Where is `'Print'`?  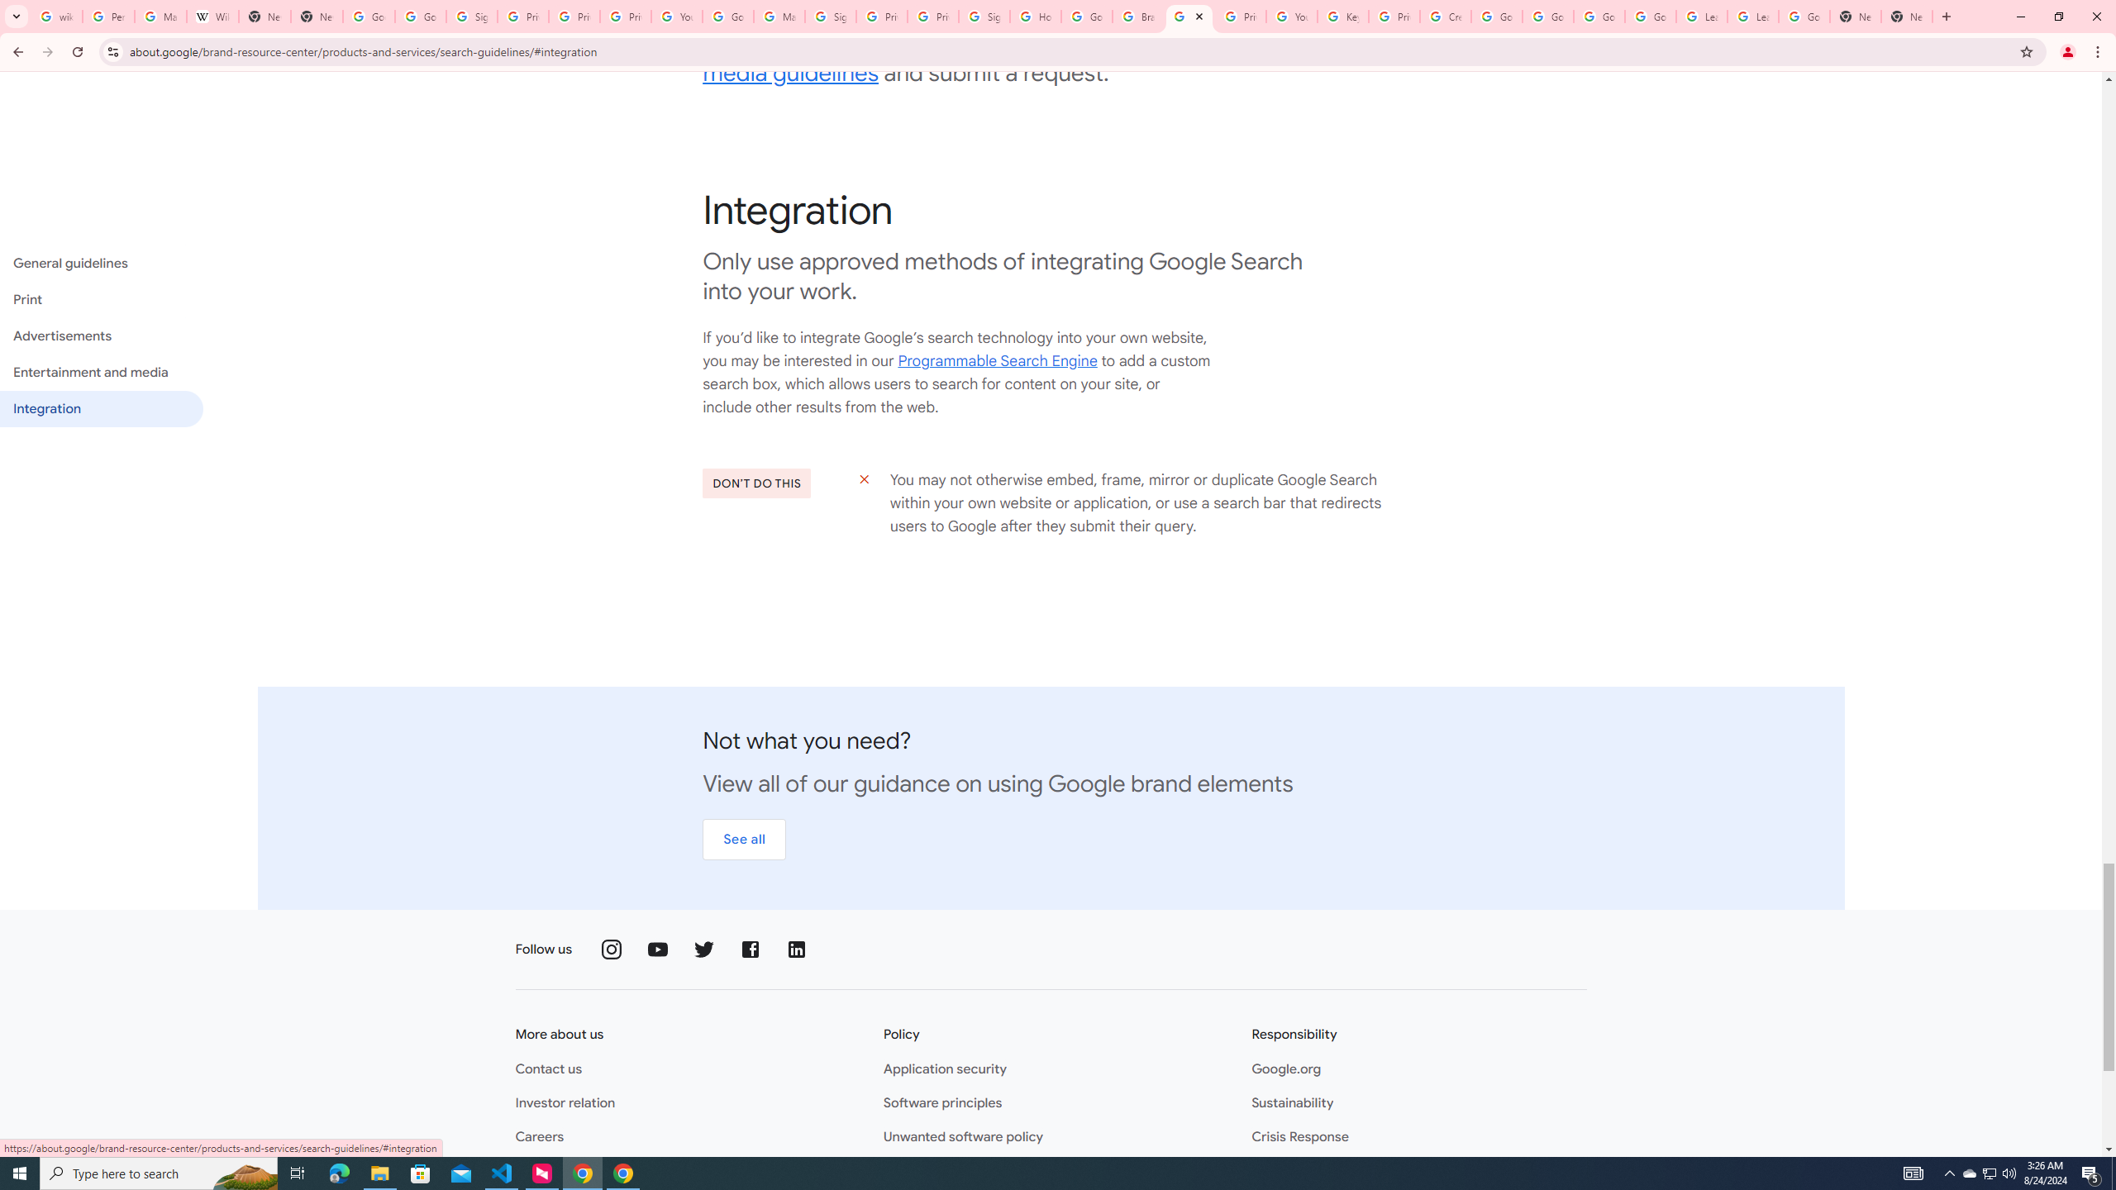 'Print' is located at coordinates (101, 298).